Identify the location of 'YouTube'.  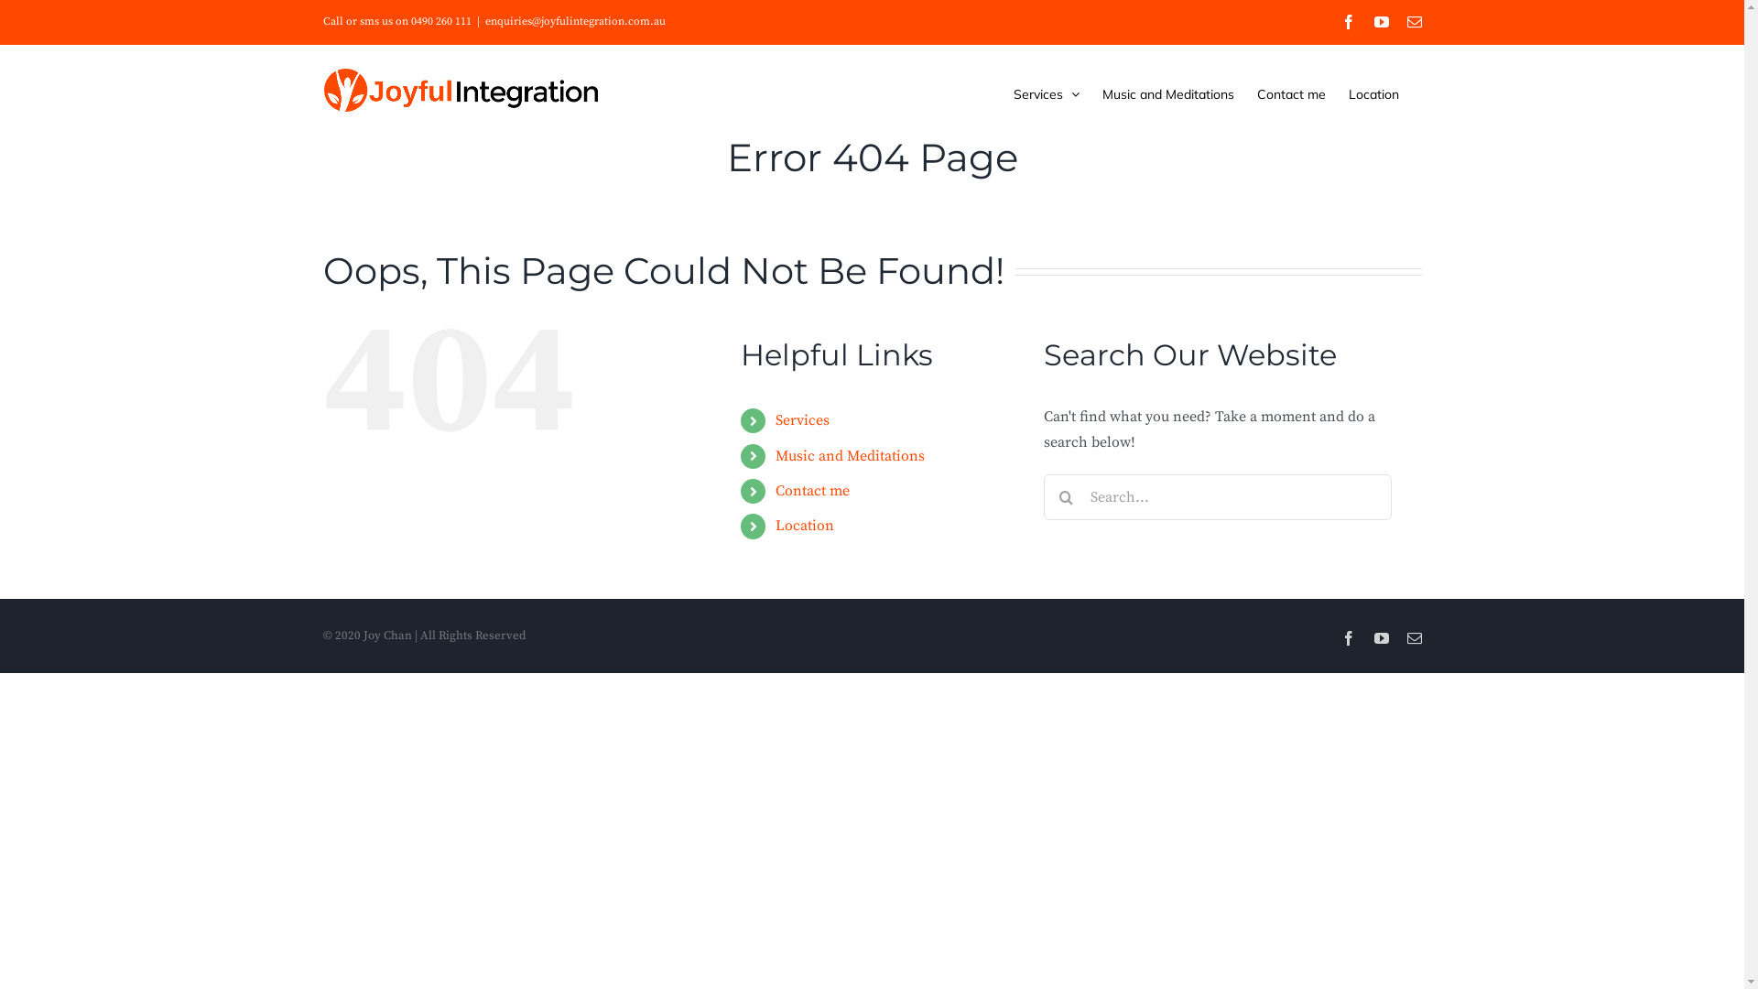
(1373, 637).